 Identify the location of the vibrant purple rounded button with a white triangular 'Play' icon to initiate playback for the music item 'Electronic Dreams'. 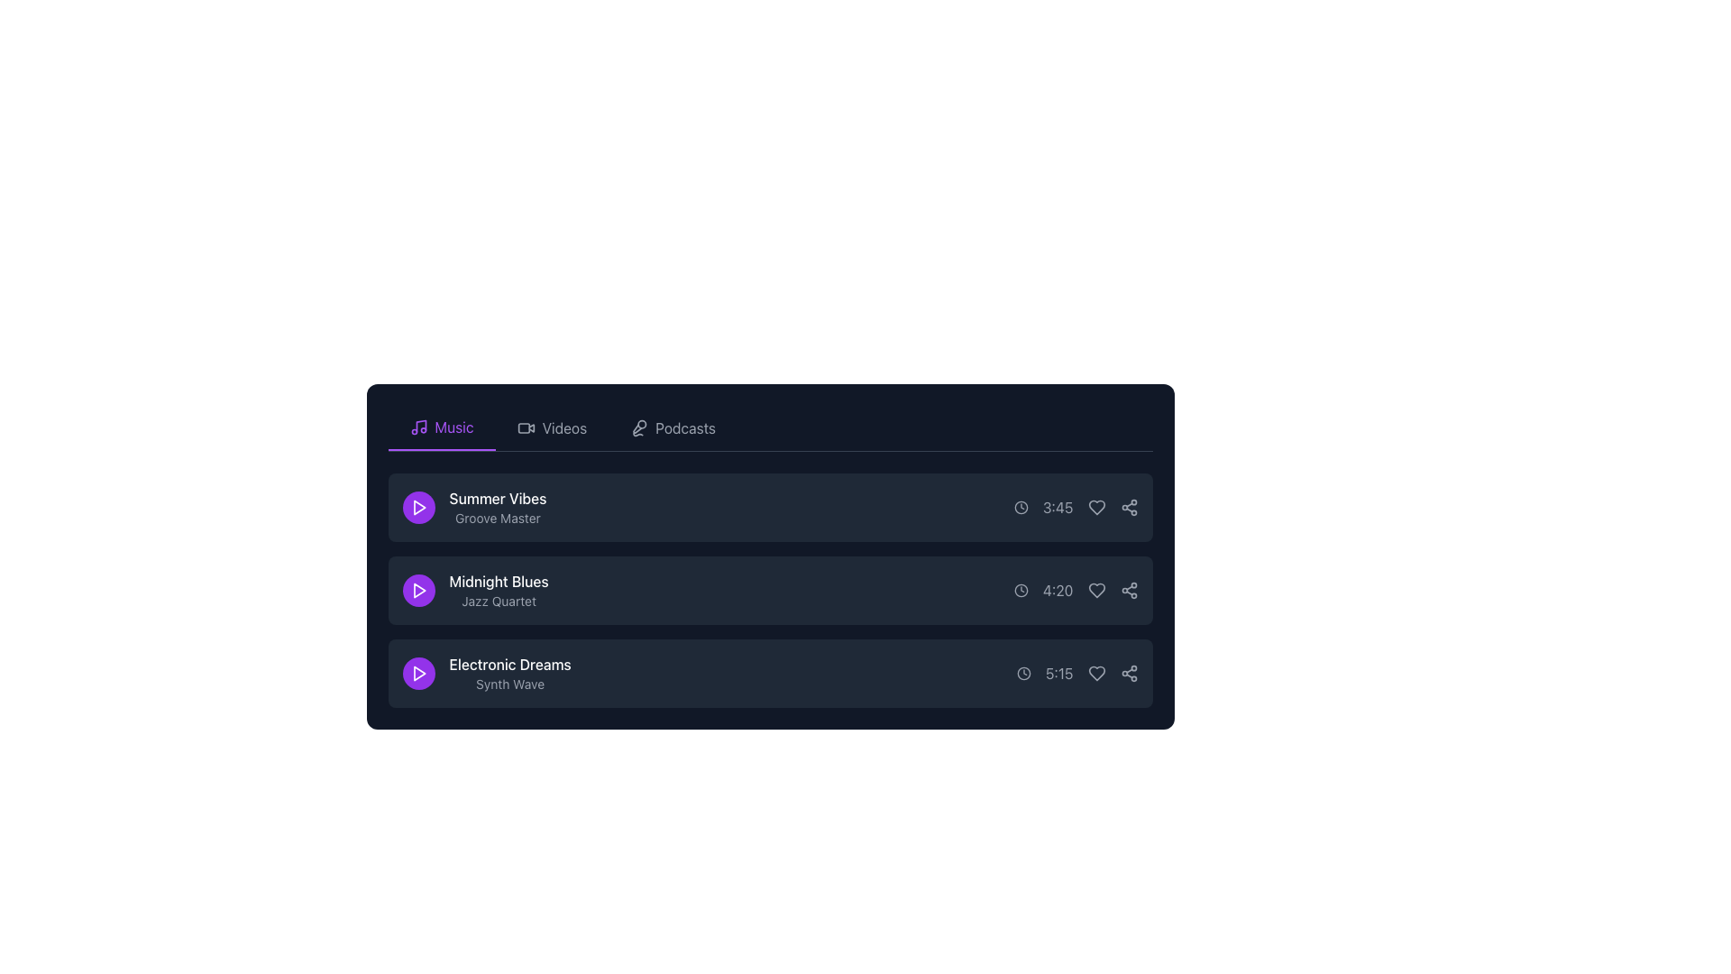
(417, 674).